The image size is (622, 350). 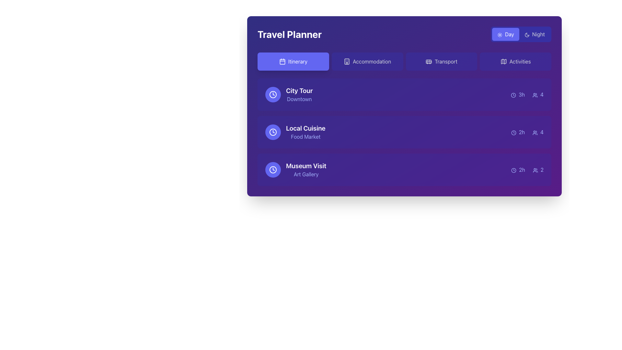 I want to click on the value of the Text (Number) indicating the group size associated with the first itinerary item, which is located at the top-right section of the first item in the list, so click(x=538, y=95).